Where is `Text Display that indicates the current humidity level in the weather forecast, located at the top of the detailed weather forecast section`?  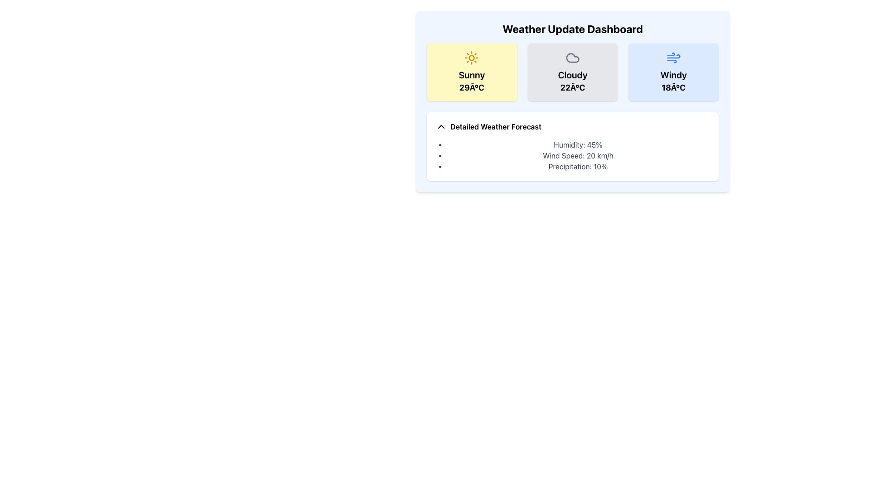 Text Display that indicates the current humidity level in the weather forecast, located at the top of the detailed weather forecast section is located at coordinates (578, 144).